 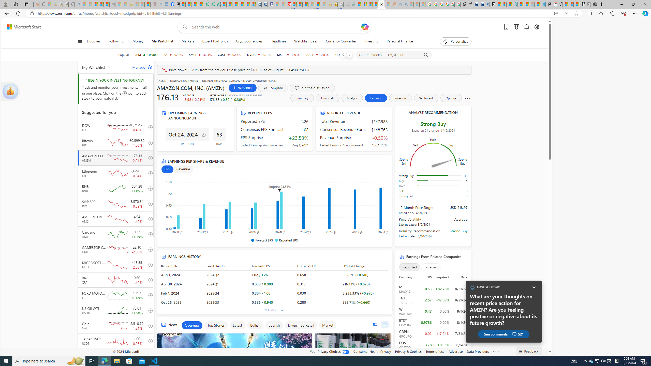 I want to click on 'Overview', so click(x=192, y=325).